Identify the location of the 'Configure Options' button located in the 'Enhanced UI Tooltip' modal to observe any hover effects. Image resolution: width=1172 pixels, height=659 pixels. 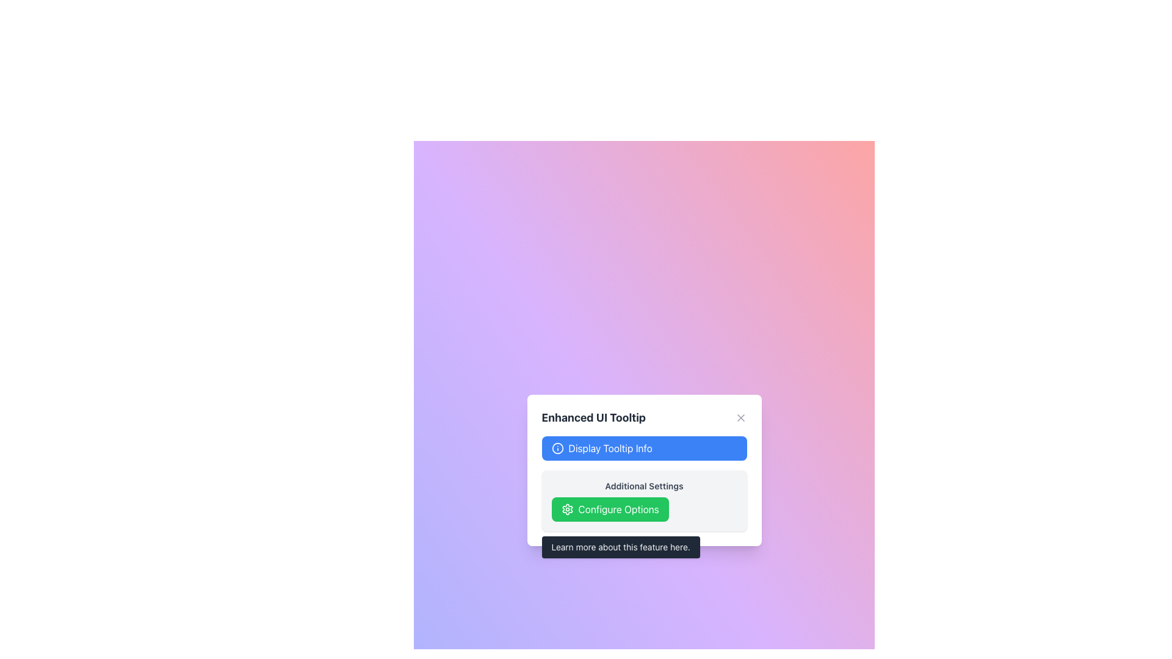
(610, 509).